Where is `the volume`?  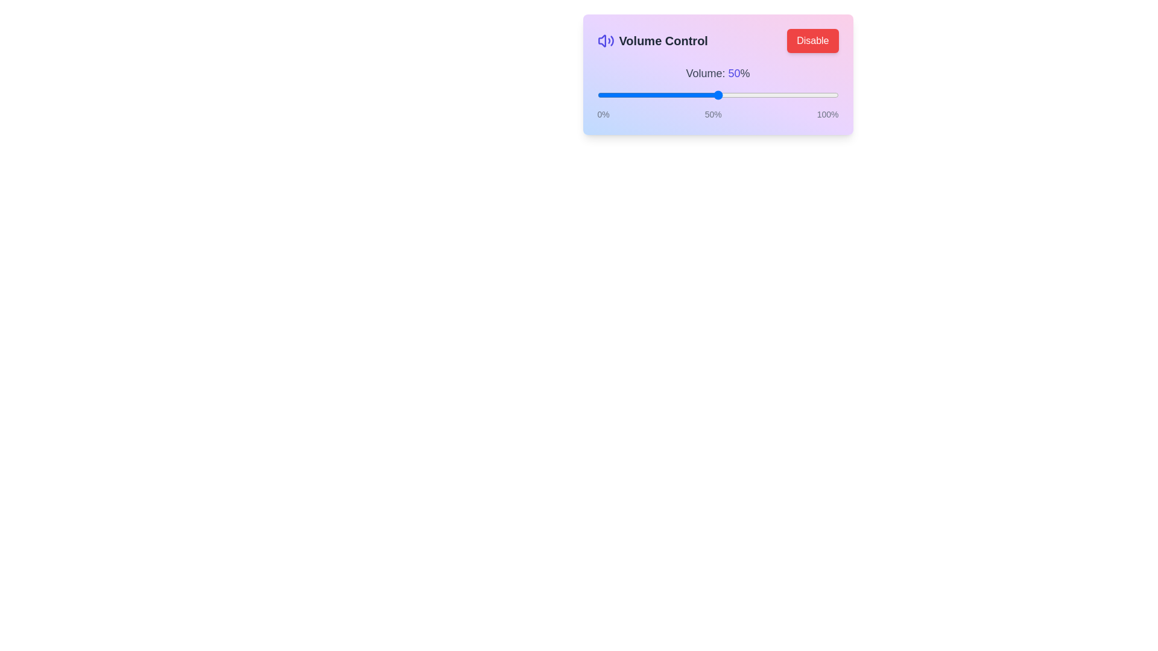
the volume is located at coordinates (710, 95).